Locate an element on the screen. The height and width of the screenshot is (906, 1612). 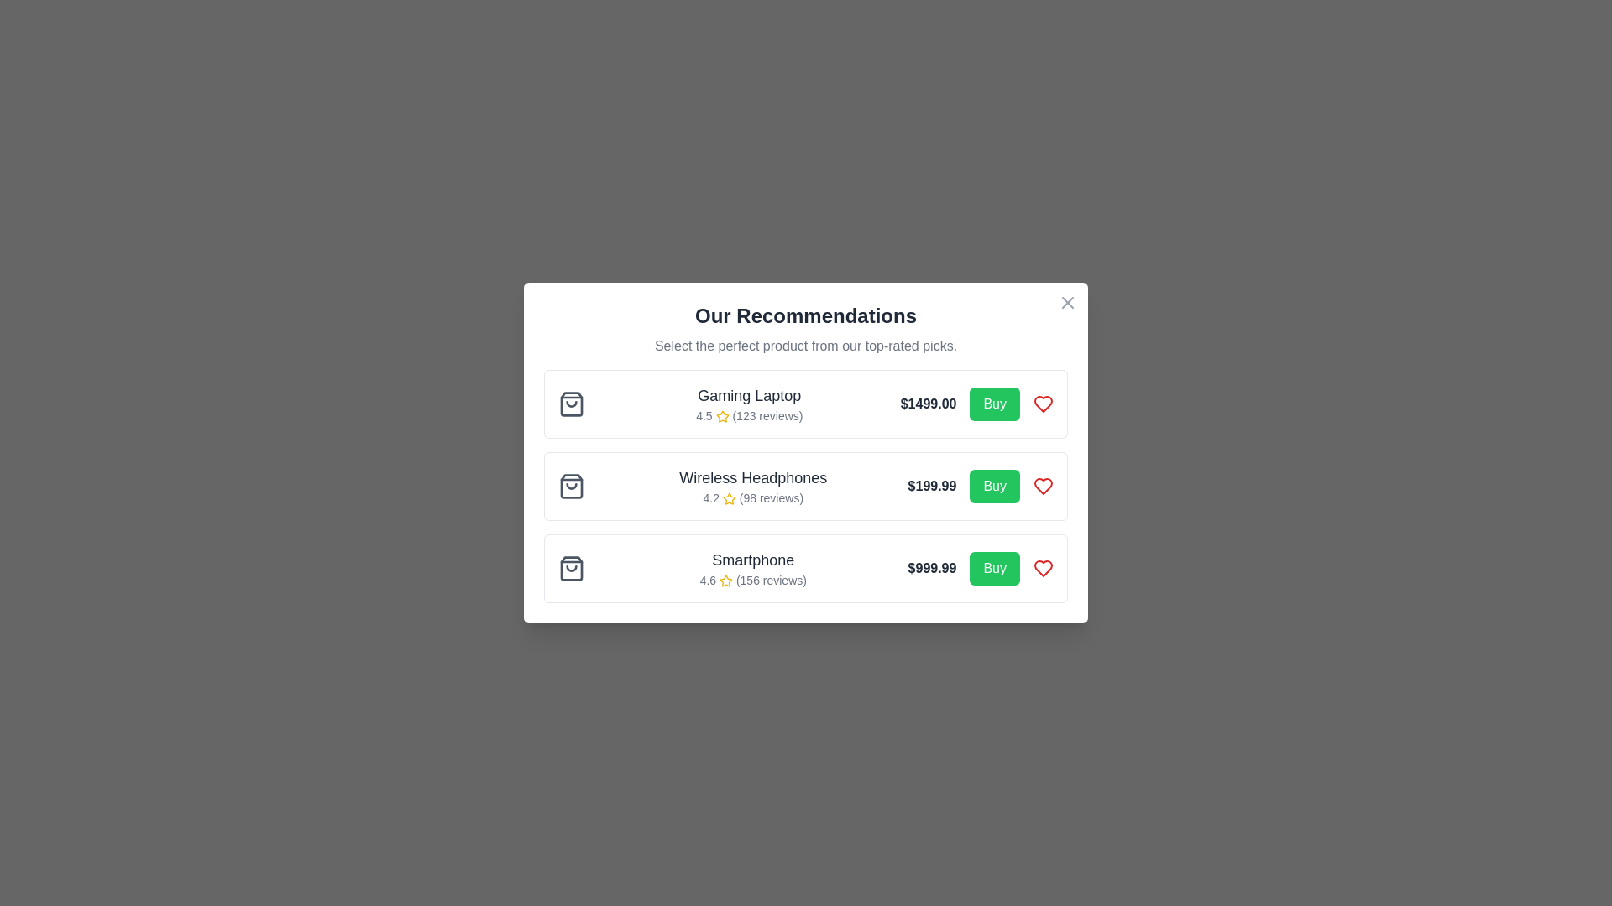
the shopping bag icon located in the second row of product recommendations for 'Wireless Headphones' to see its visual details is located at coordinates (572, 486).